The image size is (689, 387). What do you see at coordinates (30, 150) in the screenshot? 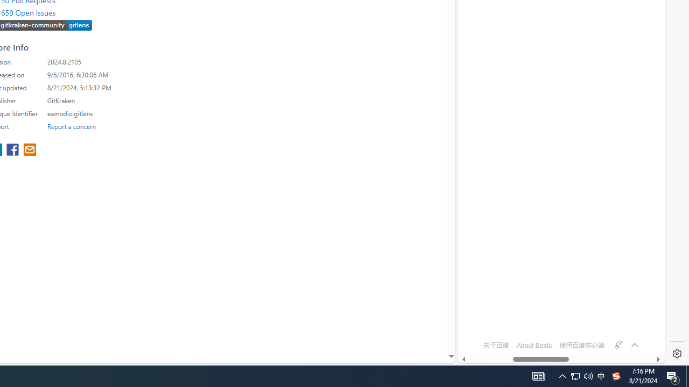
I see `'share extension on email'` at bounding box center [30, 150].